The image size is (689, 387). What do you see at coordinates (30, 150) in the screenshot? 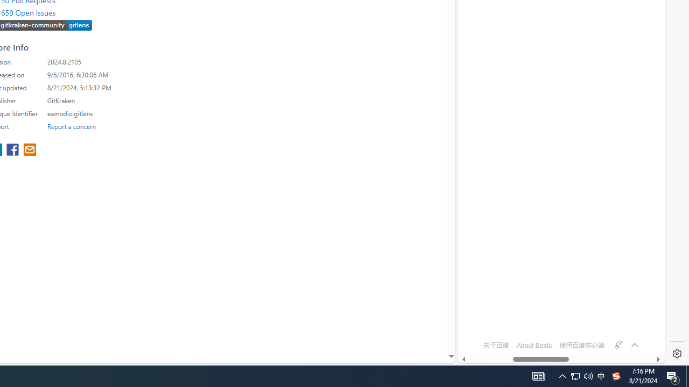
I see `'share extension on email'` at bounding box center [30, 150].